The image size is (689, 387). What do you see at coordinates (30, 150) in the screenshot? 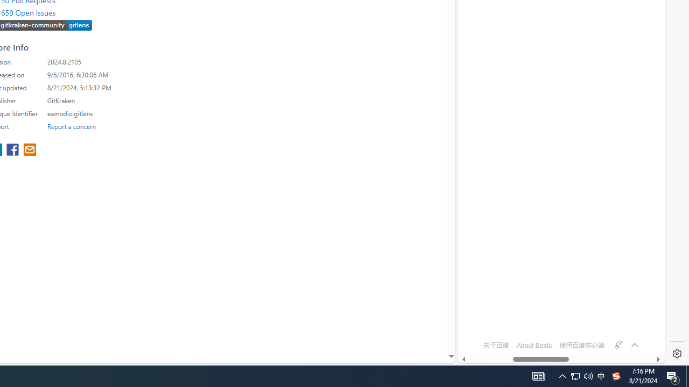
I see `'share extension on email'` at bounding box center [30, 150].